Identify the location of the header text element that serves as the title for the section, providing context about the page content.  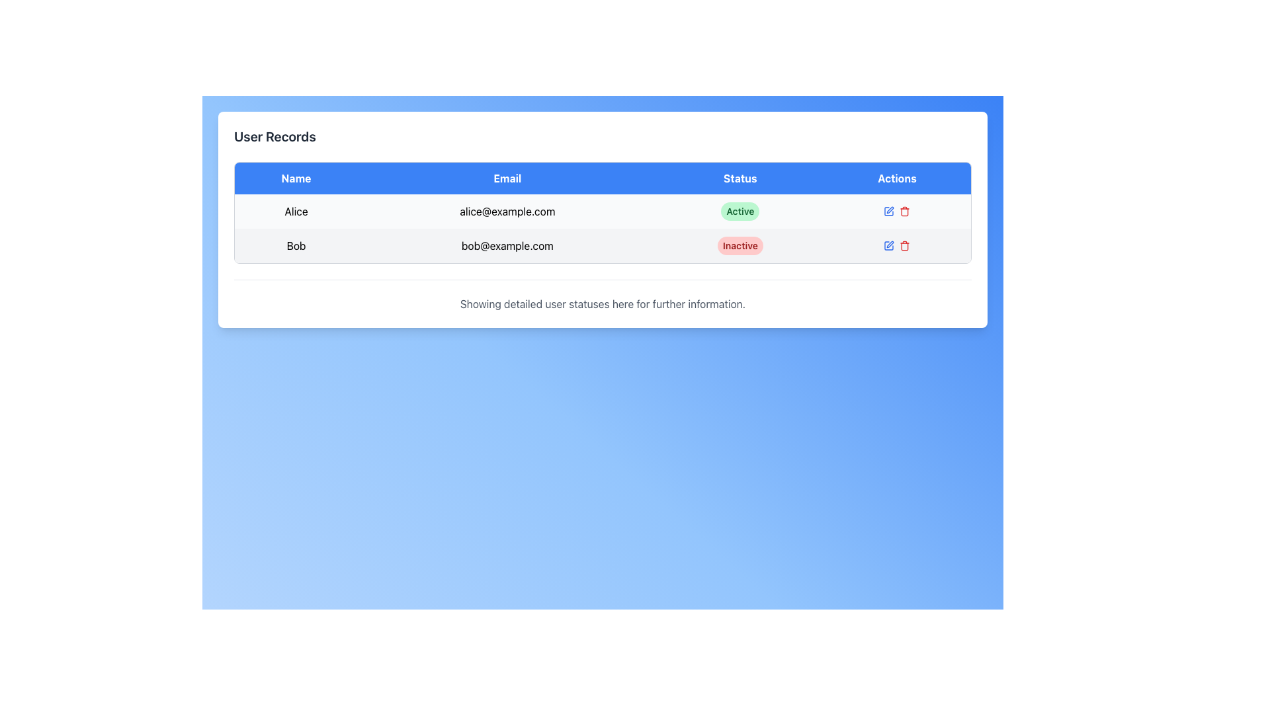
(274, 137).